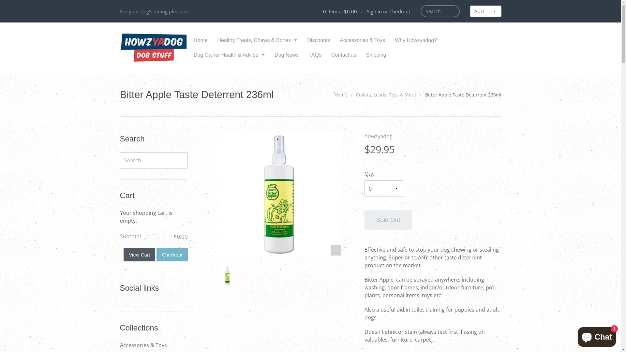 The image size is (626, 352). I want to click on 'View Cart', so click(139, 254).